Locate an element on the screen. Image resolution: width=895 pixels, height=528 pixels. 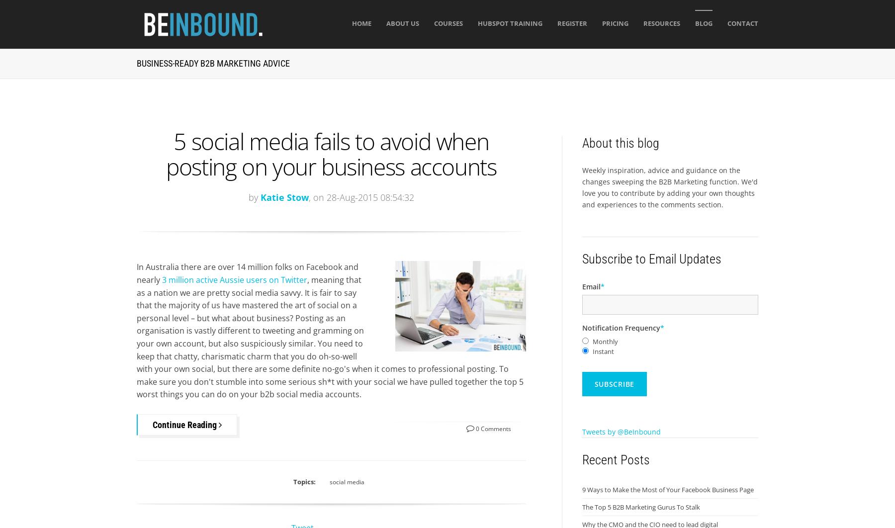
'Weekly inspiration, advice and guidance on the changes sweeping the B2B Marketing function. We'd love you to contribute by adding your own thoughts and experiences to the comments section.' is located at coordinates (669, 187).